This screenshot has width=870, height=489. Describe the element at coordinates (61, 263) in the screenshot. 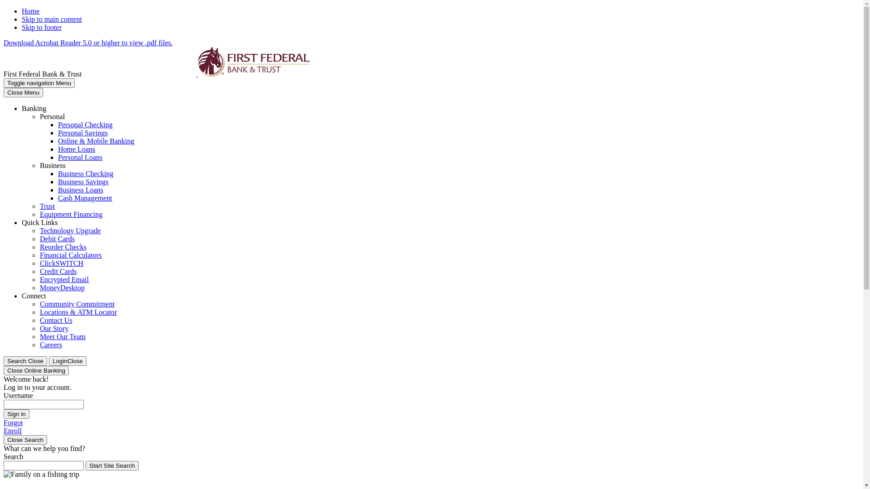

I see `'ClickSWITCH'` at that location.